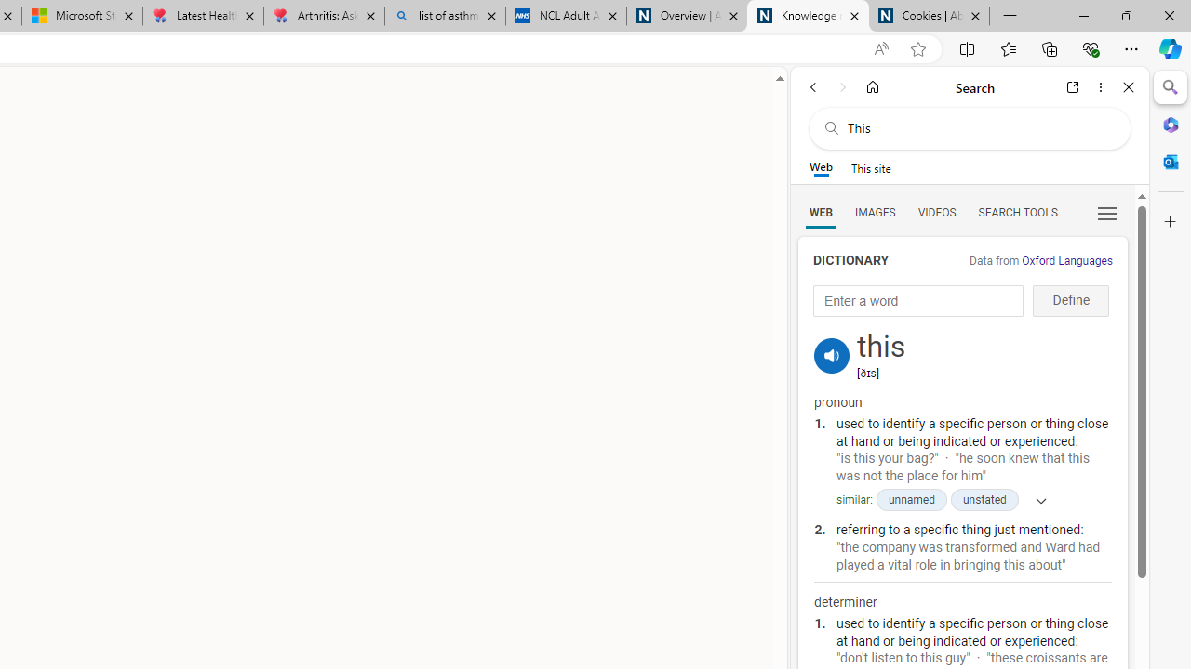 The width and height of the screenshot is (1191, 669). What do you see at coordinates (874, 211) in the screenshot?
I see `'IMAGES'` at bounding box center [874, 211].